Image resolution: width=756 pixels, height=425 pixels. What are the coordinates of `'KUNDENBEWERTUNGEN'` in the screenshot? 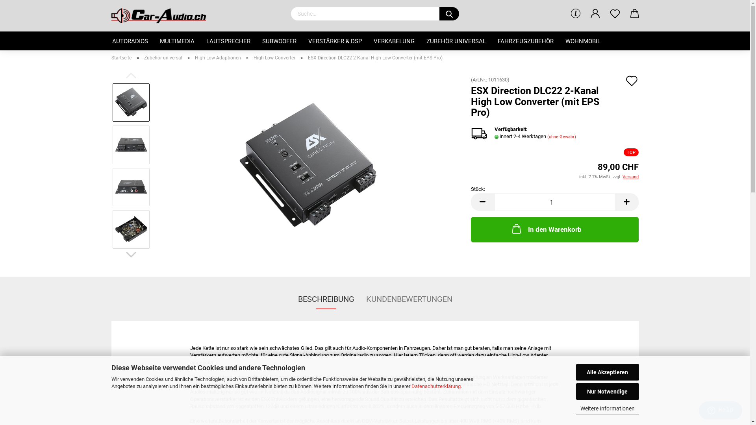 It's located at (409, 299).